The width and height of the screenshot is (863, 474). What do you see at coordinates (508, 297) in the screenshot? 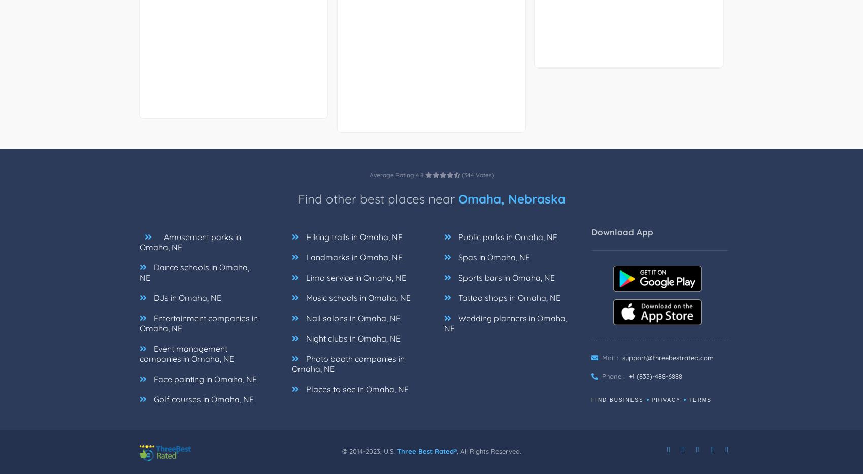
I see `'Tattoo shops in Omaha, NE'` at bounding box center [508, 297].